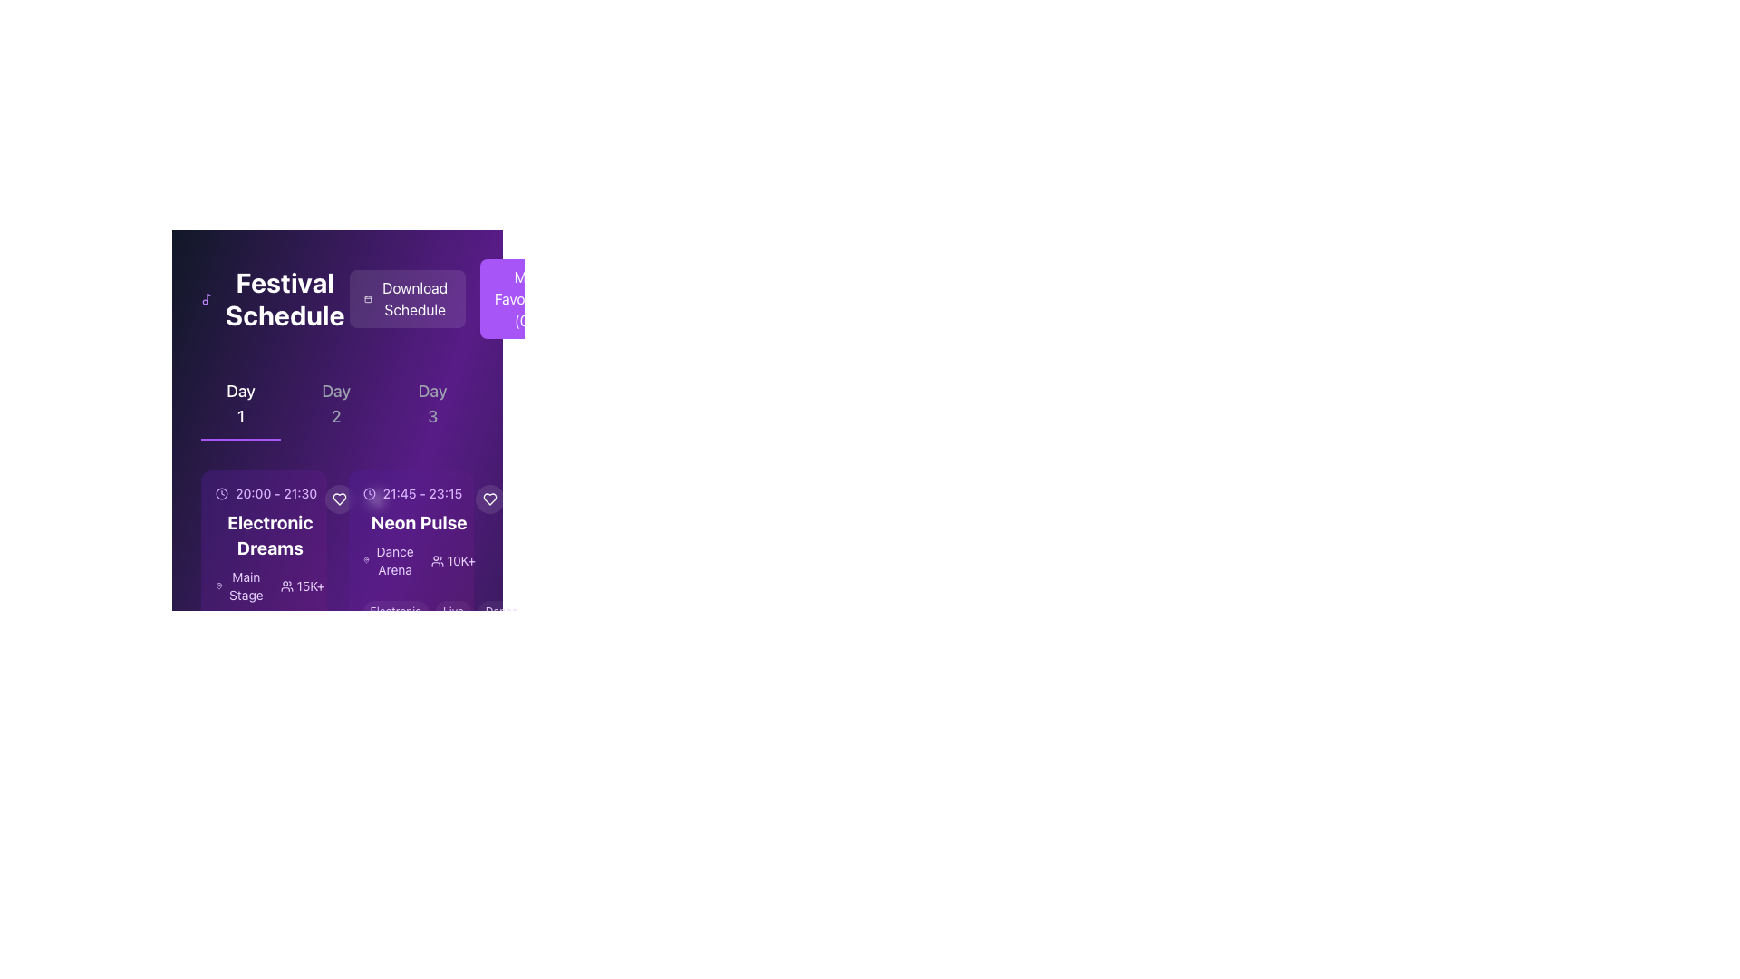 This screenshot has width=1740, height=979. What do you see at coordinates (220, 714) in the screenshot?
I see `the circular SVG element that represents the clock icon, located at the lower part of the interface near the schedule layout` at bounding box center [220, 714].